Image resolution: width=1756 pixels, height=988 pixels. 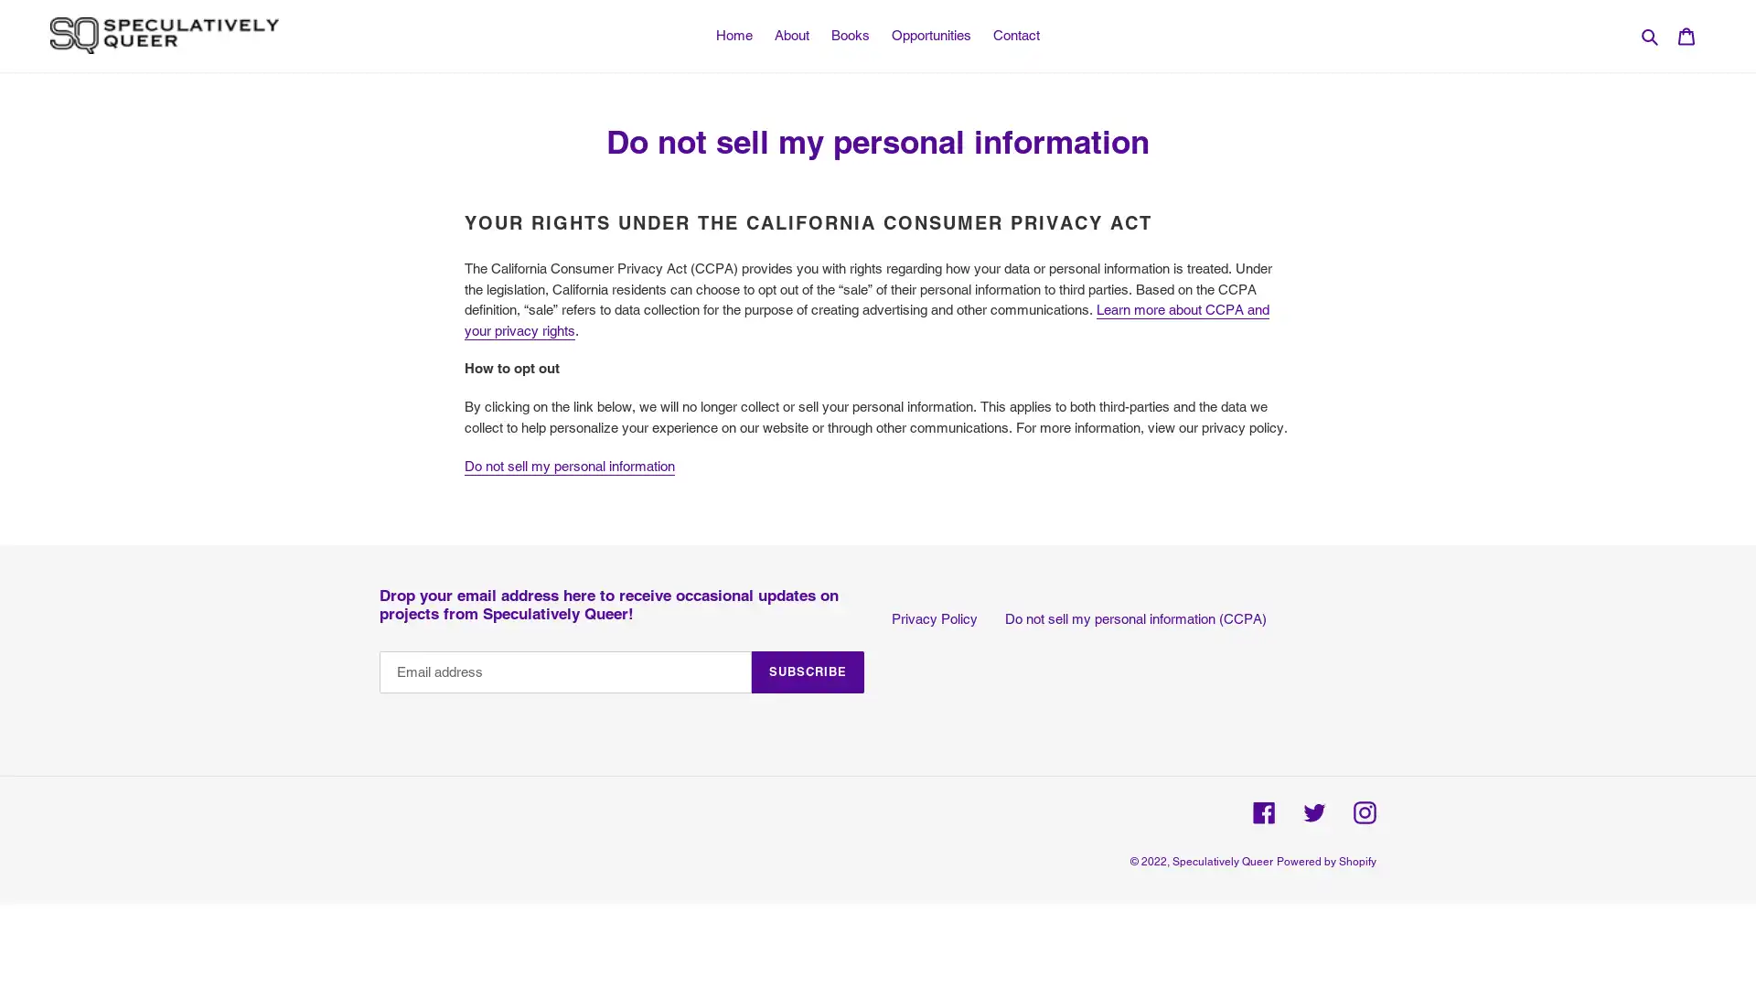 What do you see at coordinates (1651, 35) in the screenshot?
I see `Search` at bounding box center [1651, 35].